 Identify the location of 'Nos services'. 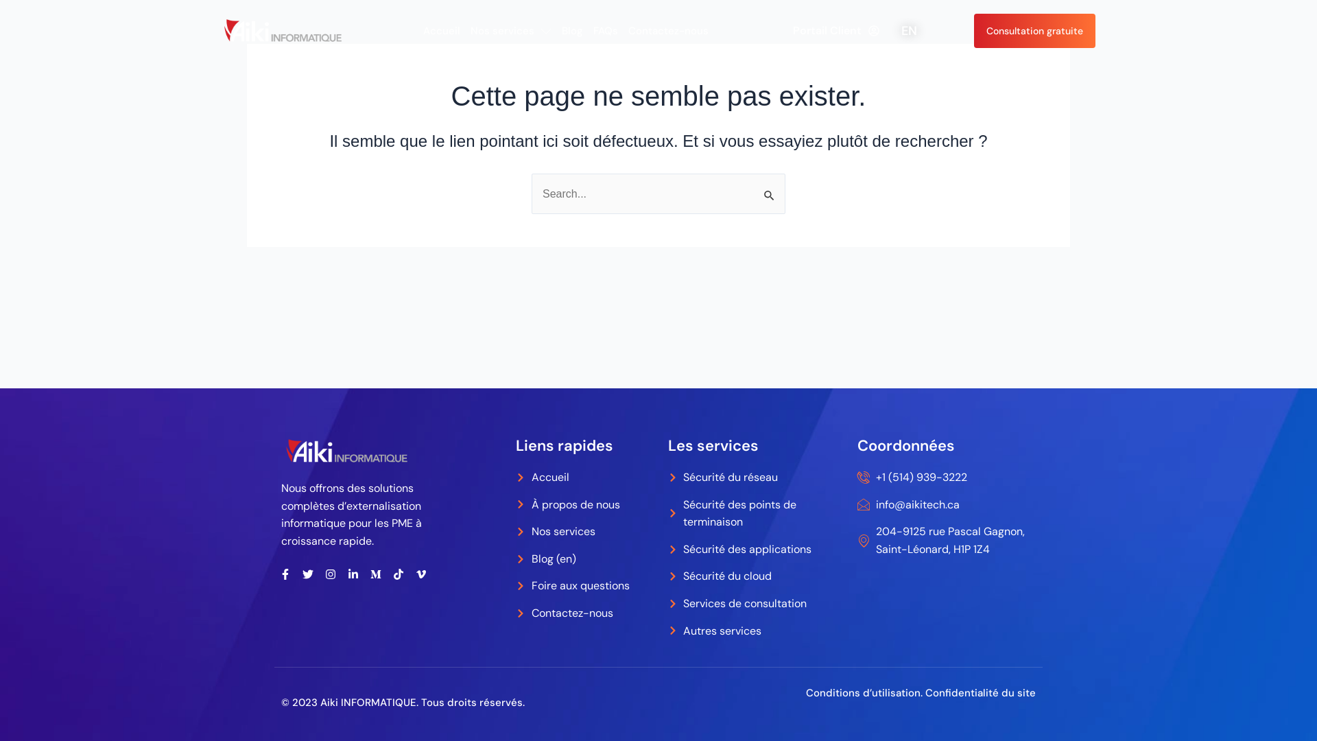
(510, 31).